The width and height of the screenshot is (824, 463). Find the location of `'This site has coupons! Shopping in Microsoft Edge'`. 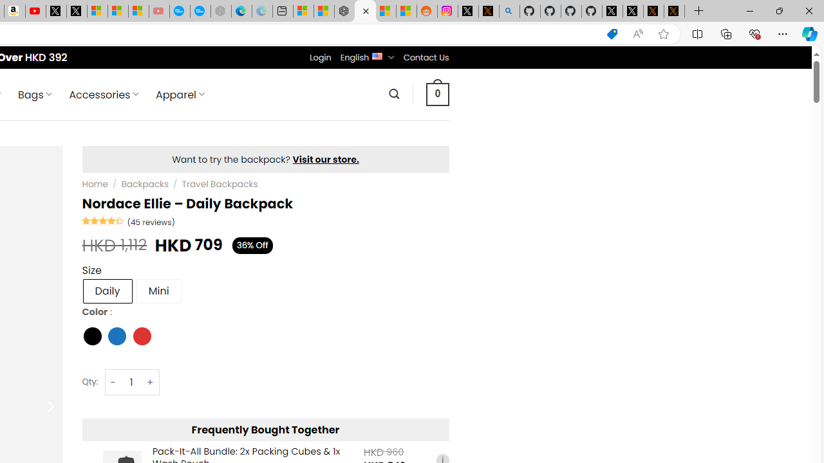

'This site has coupons! Shopping in Microsoft Edge' is located at coordinates (612, 33).